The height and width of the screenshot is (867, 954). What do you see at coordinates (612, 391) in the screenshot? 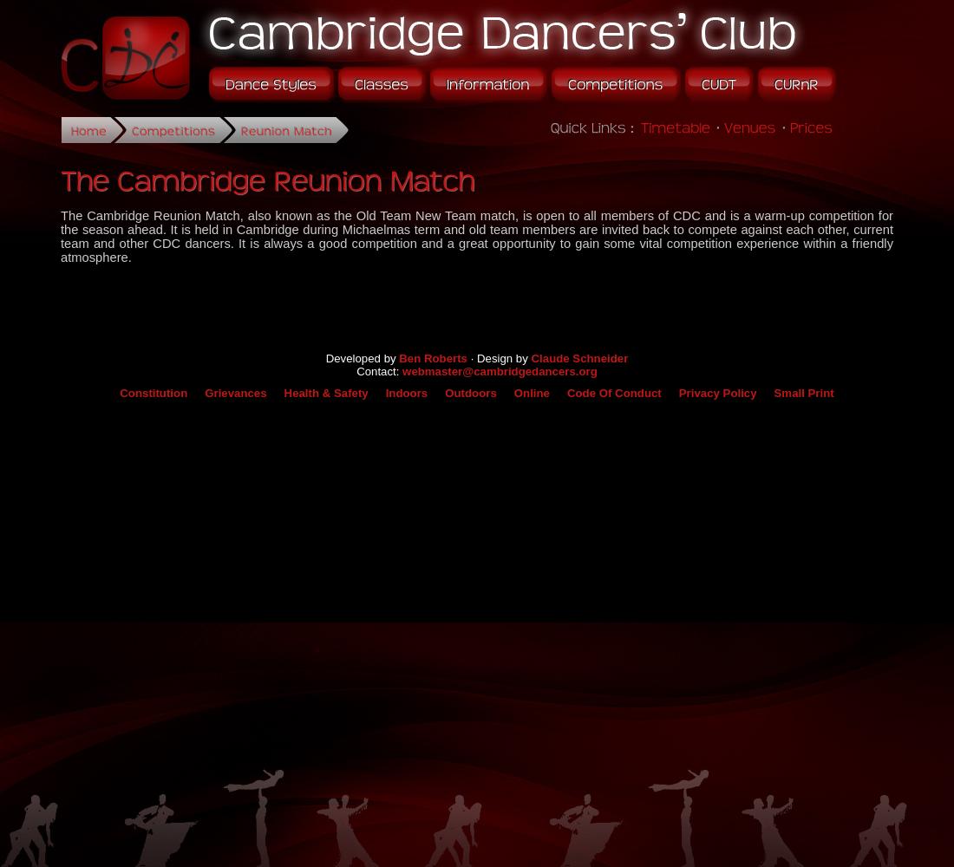
I see `'Code Of Conduct'` at bounding box center [612, 391].